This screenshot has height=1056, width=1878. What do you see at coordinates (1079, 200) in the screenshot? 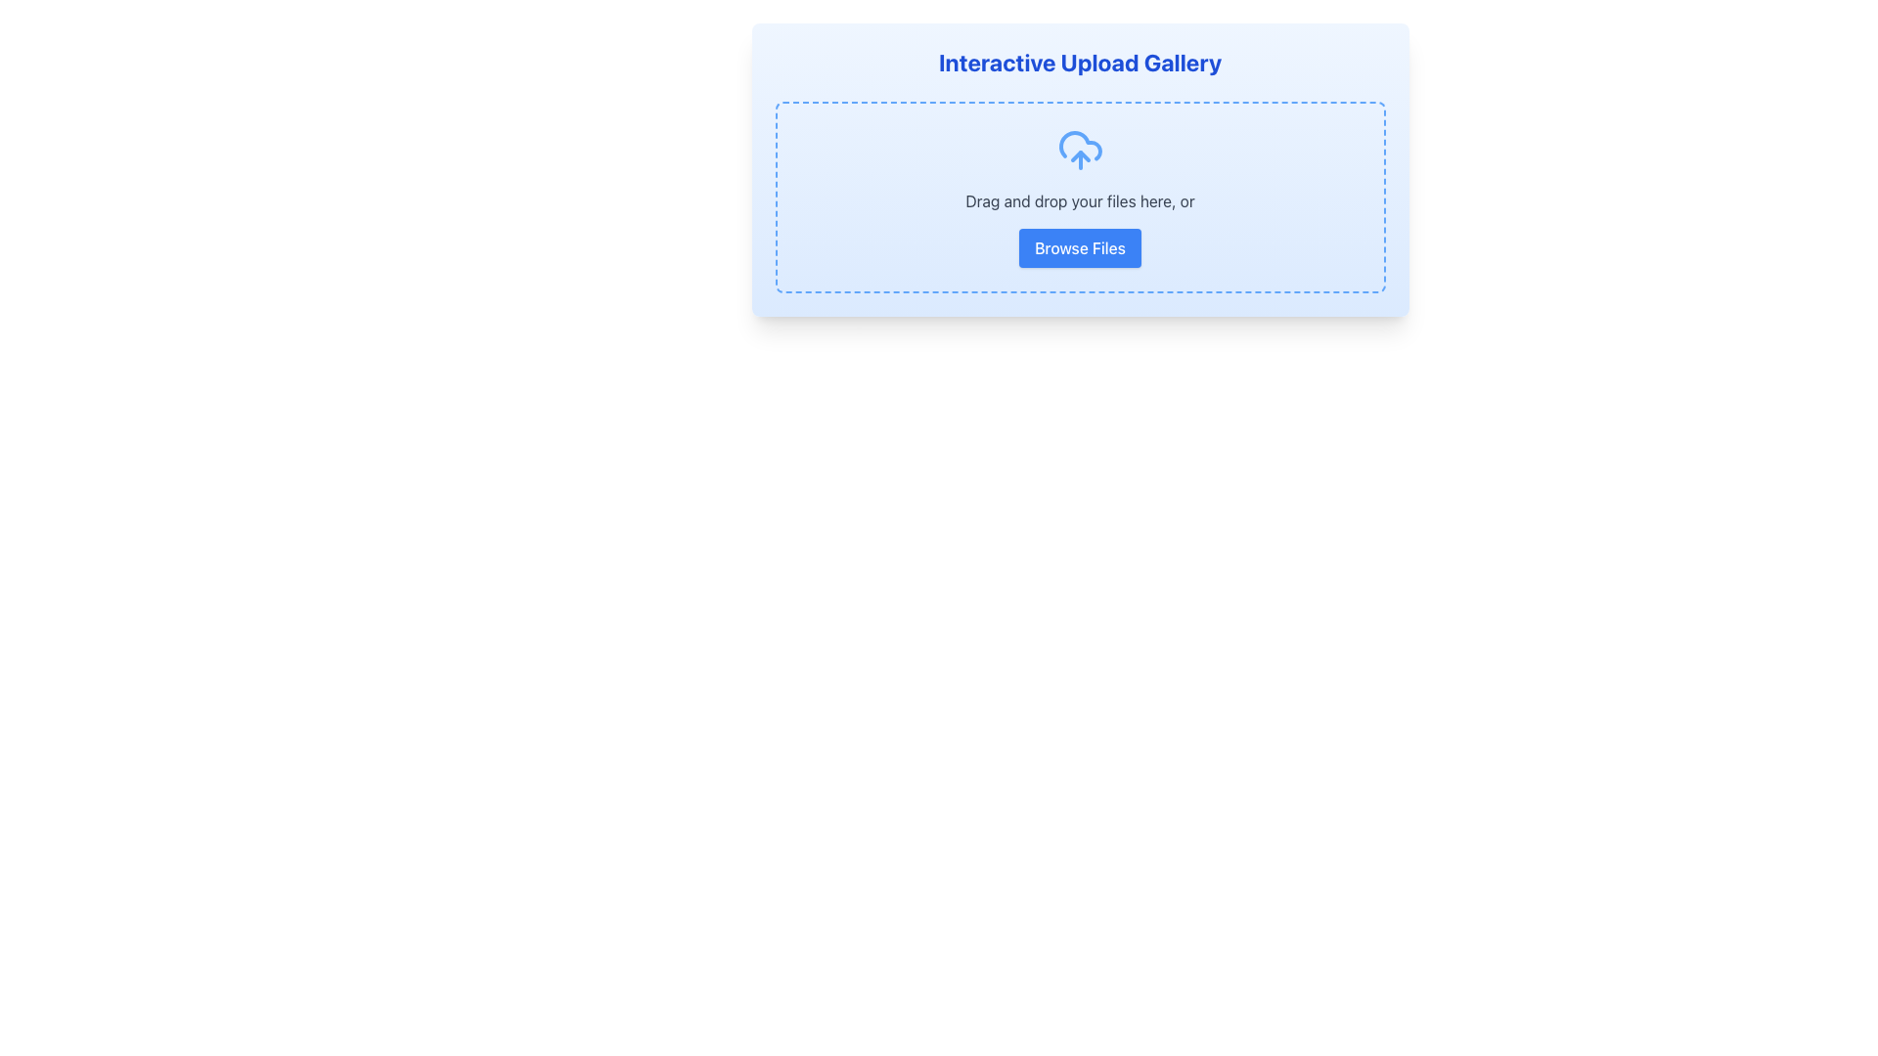
I see `the text label displaying 'Drag and drop your files here, or' to improve clarity` at bounding box center [1079, 200].